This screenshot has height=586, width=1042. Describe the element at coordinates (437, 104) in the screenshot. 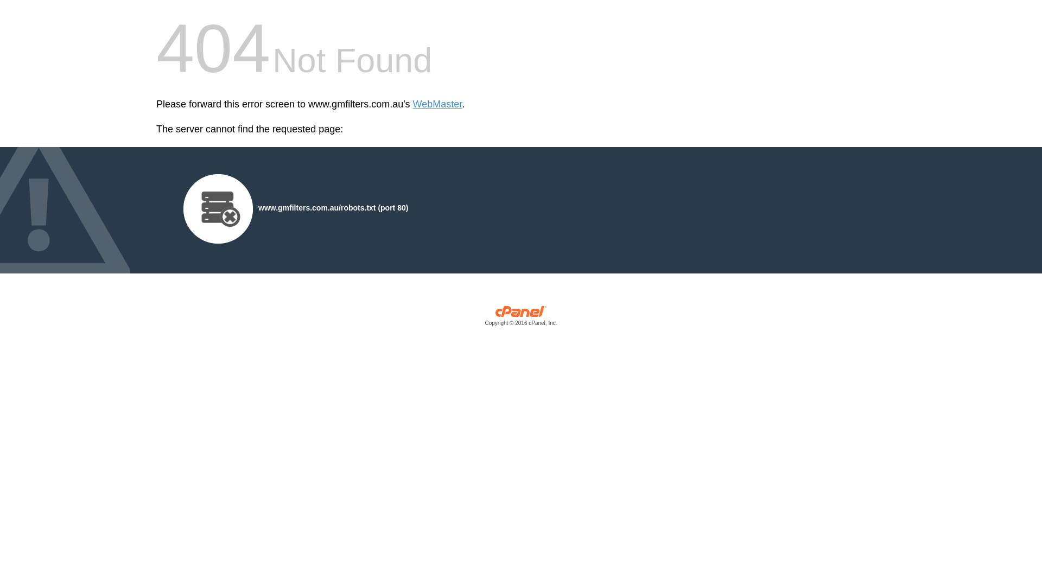

I see `'WebMaster'` at that location.